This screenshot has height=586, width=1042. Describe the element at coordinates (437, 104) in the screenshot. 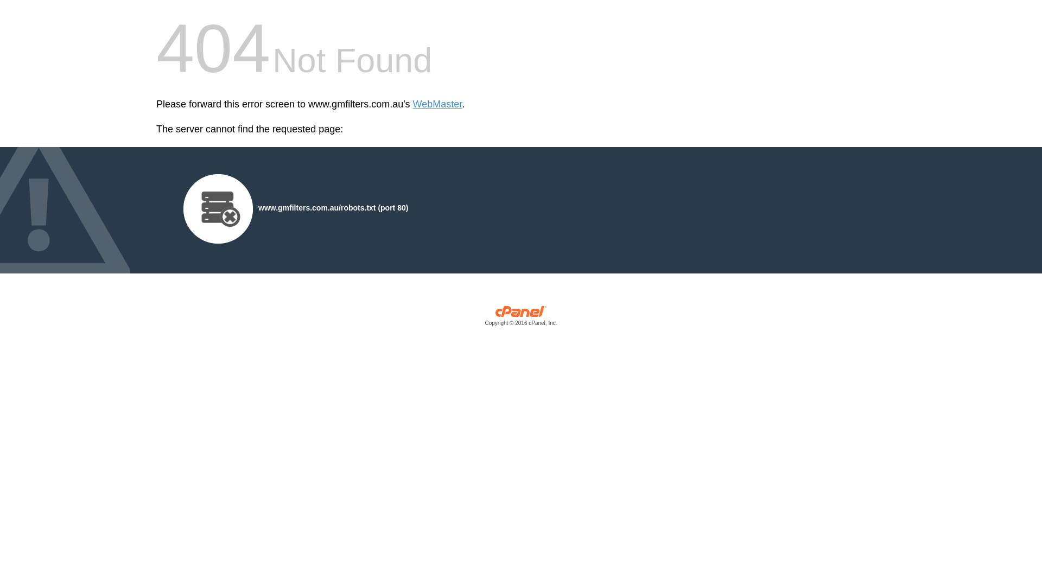

I see `'WebMaster'` at that location.